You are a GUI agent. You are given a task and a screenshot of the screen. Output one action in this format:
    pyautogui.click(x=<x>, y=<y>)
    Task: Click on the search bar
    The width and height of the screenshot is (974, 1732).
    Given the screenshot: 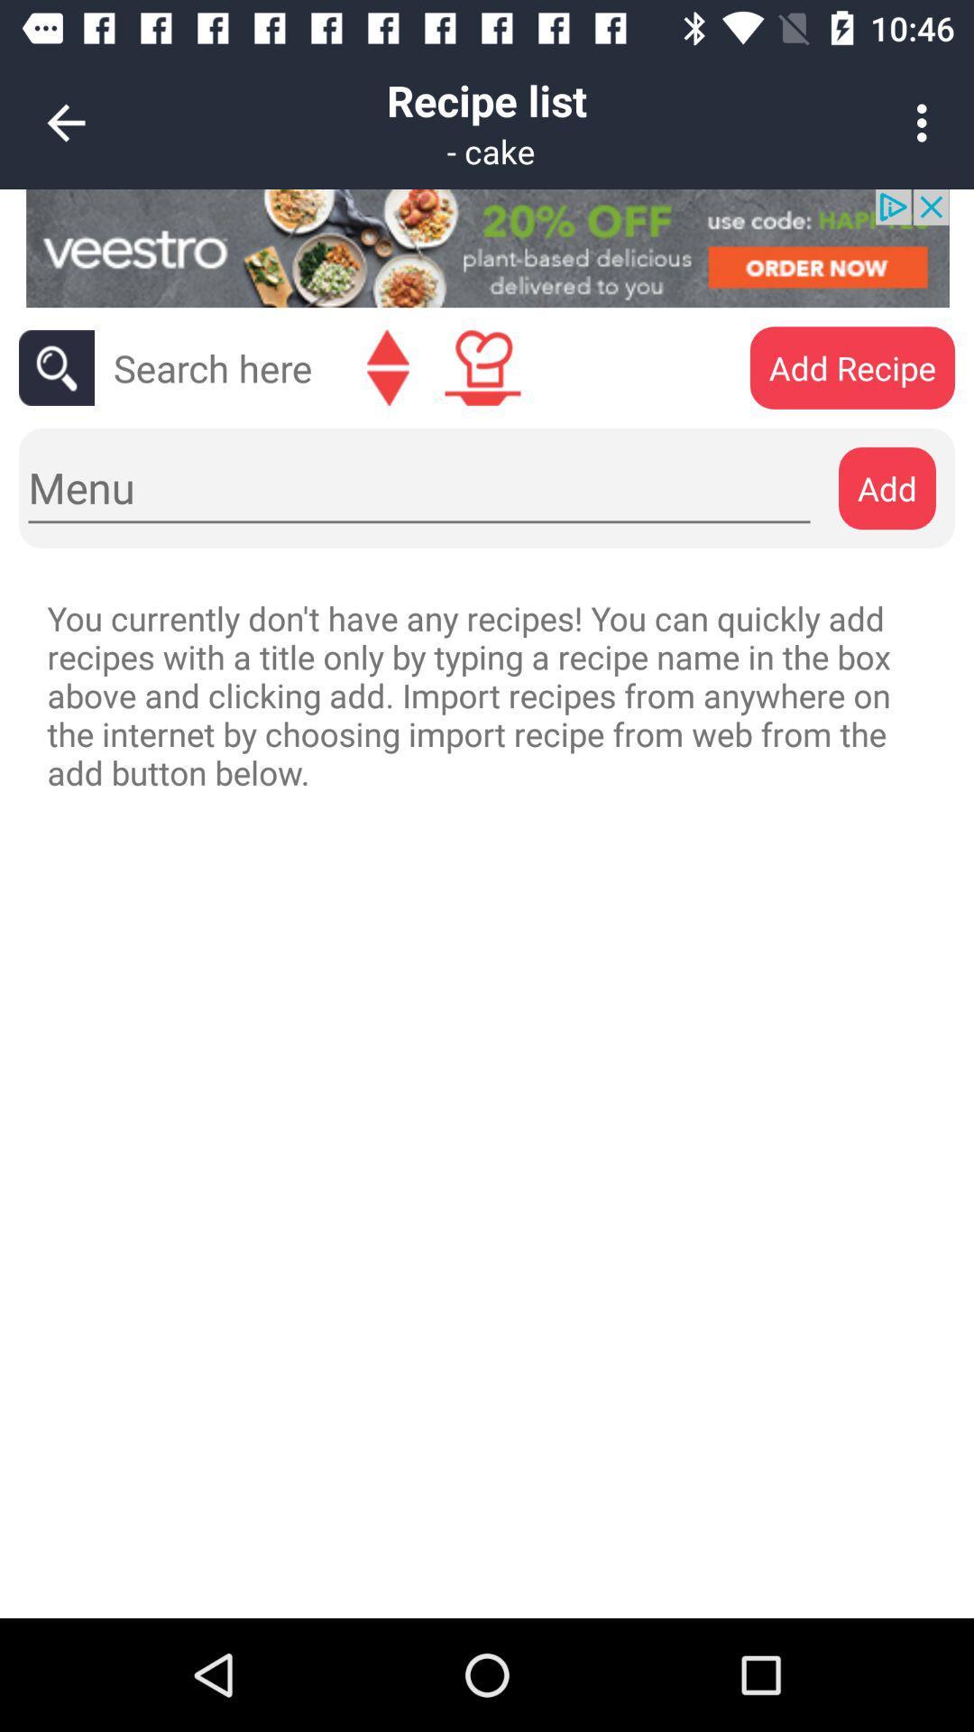 What is the action you would take?
    pyautogui.click(x=212, y=367)
    